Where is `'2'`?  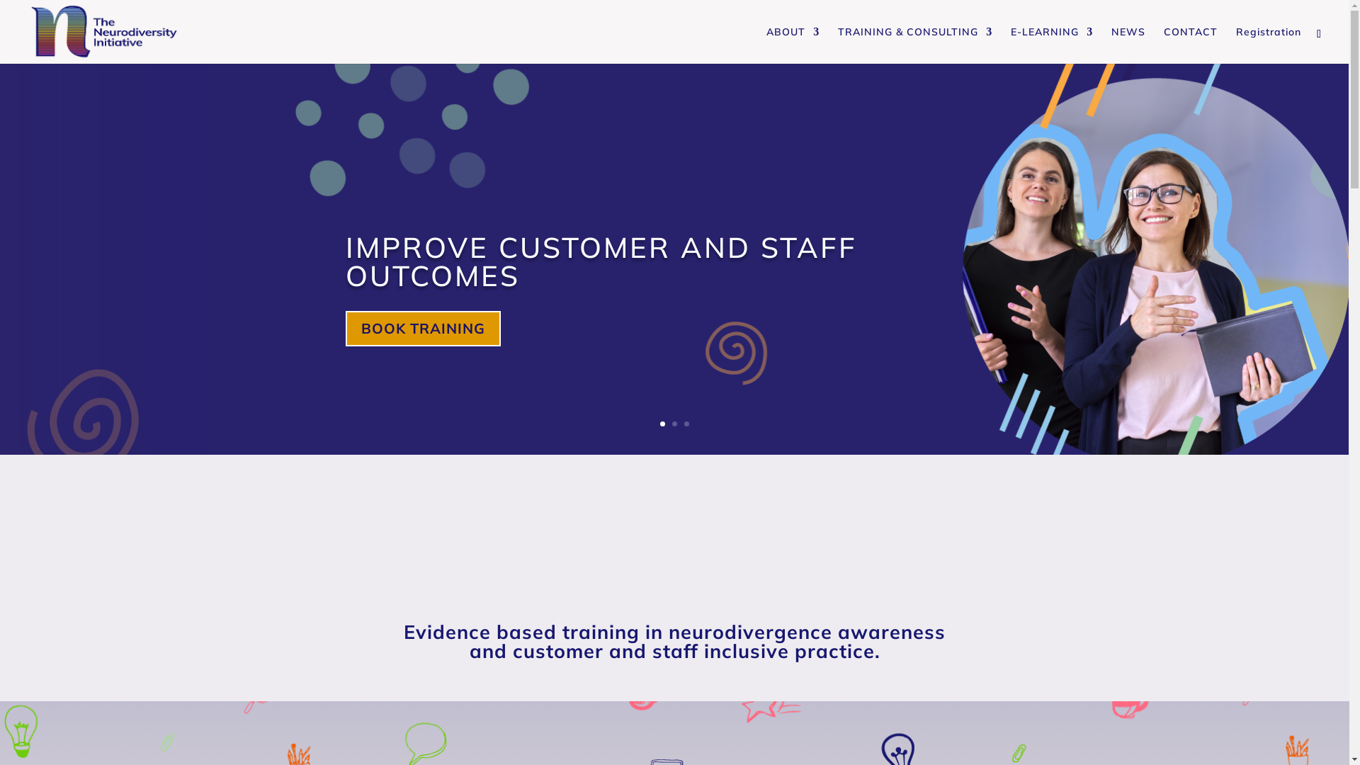 '2' is located at coordinates (674, 423).